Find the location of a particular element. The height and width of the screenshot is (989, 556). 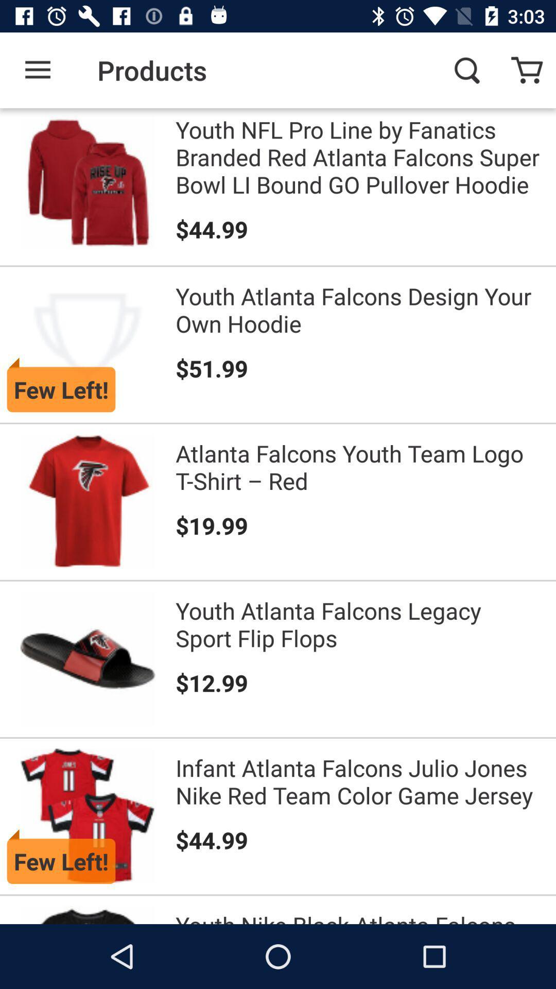

the item above the youth nfl pro item is located at coordinates (466, 70).